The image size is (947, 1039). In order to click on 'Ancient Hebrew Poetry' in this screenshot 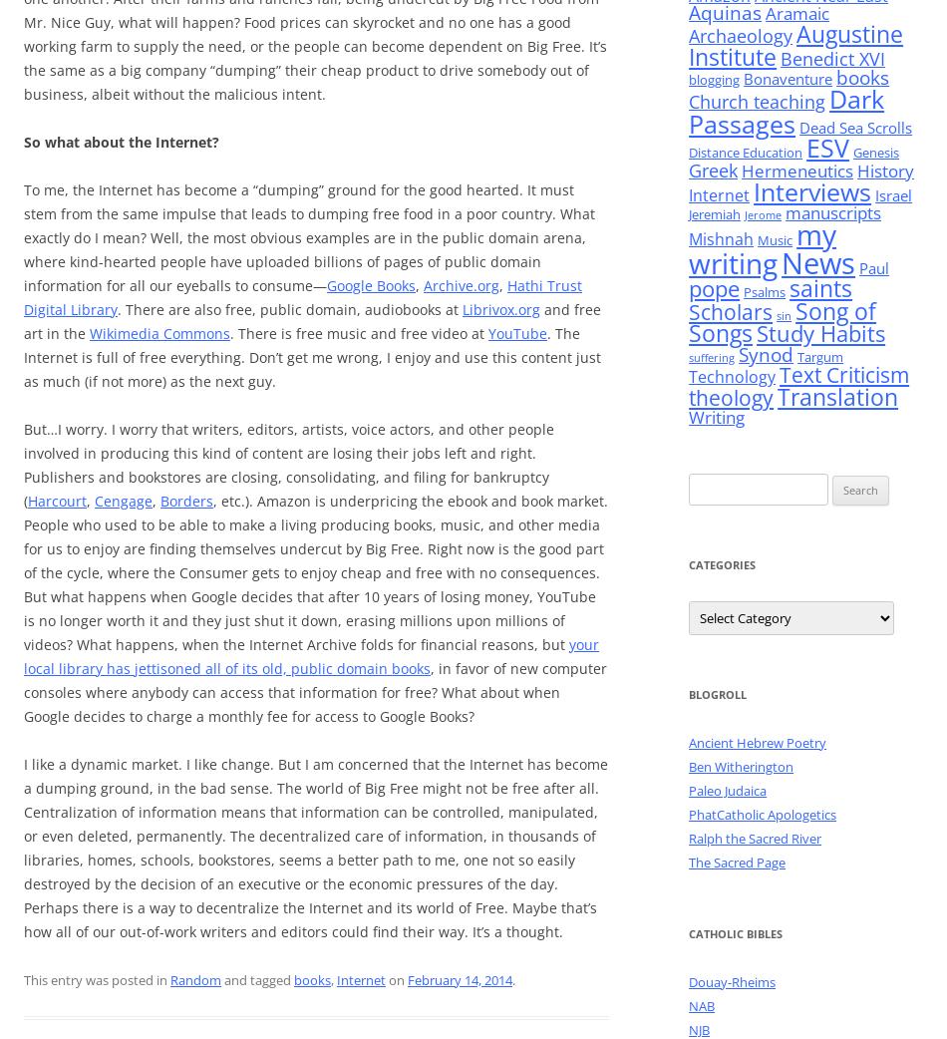, I will do `click(689, 742)`.